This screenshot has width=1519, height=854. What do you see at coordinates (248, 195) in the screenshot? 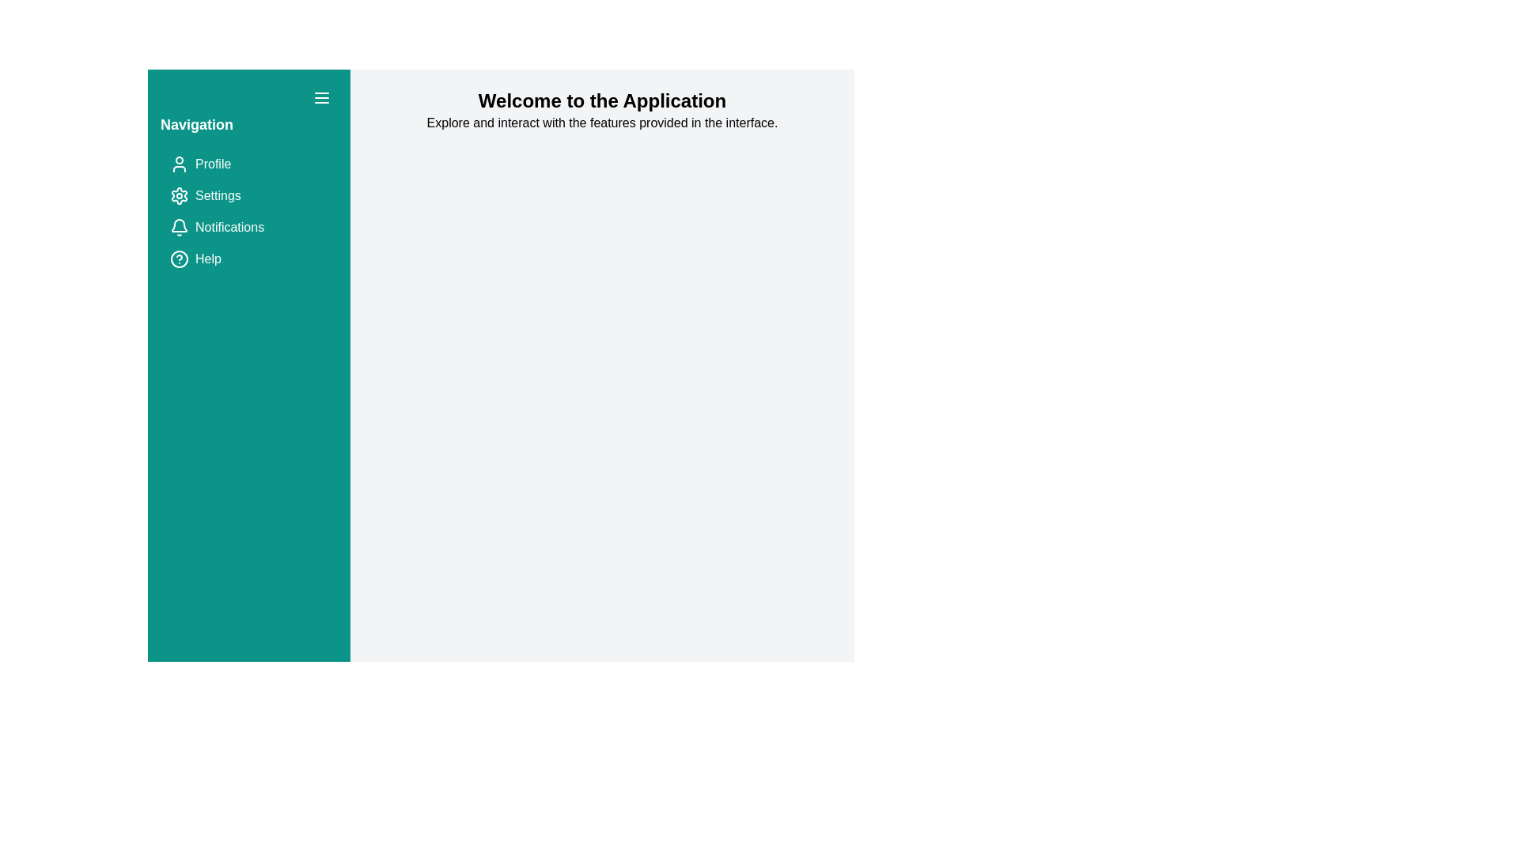
I see `the navigation item Settings to navigate to the respective section` at bounding box center [248, 195].